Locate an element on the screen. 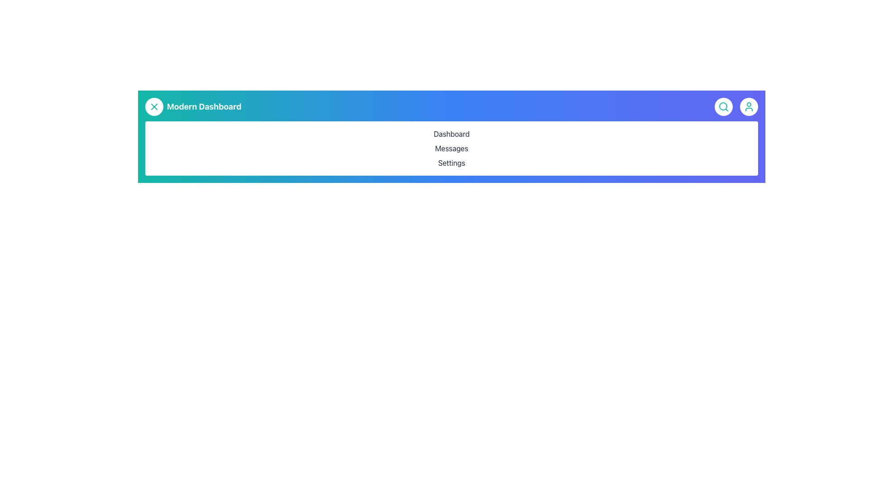  the 'X' close icon located in the top-left corner of the navigation bar is located at coordinates (154, 106).